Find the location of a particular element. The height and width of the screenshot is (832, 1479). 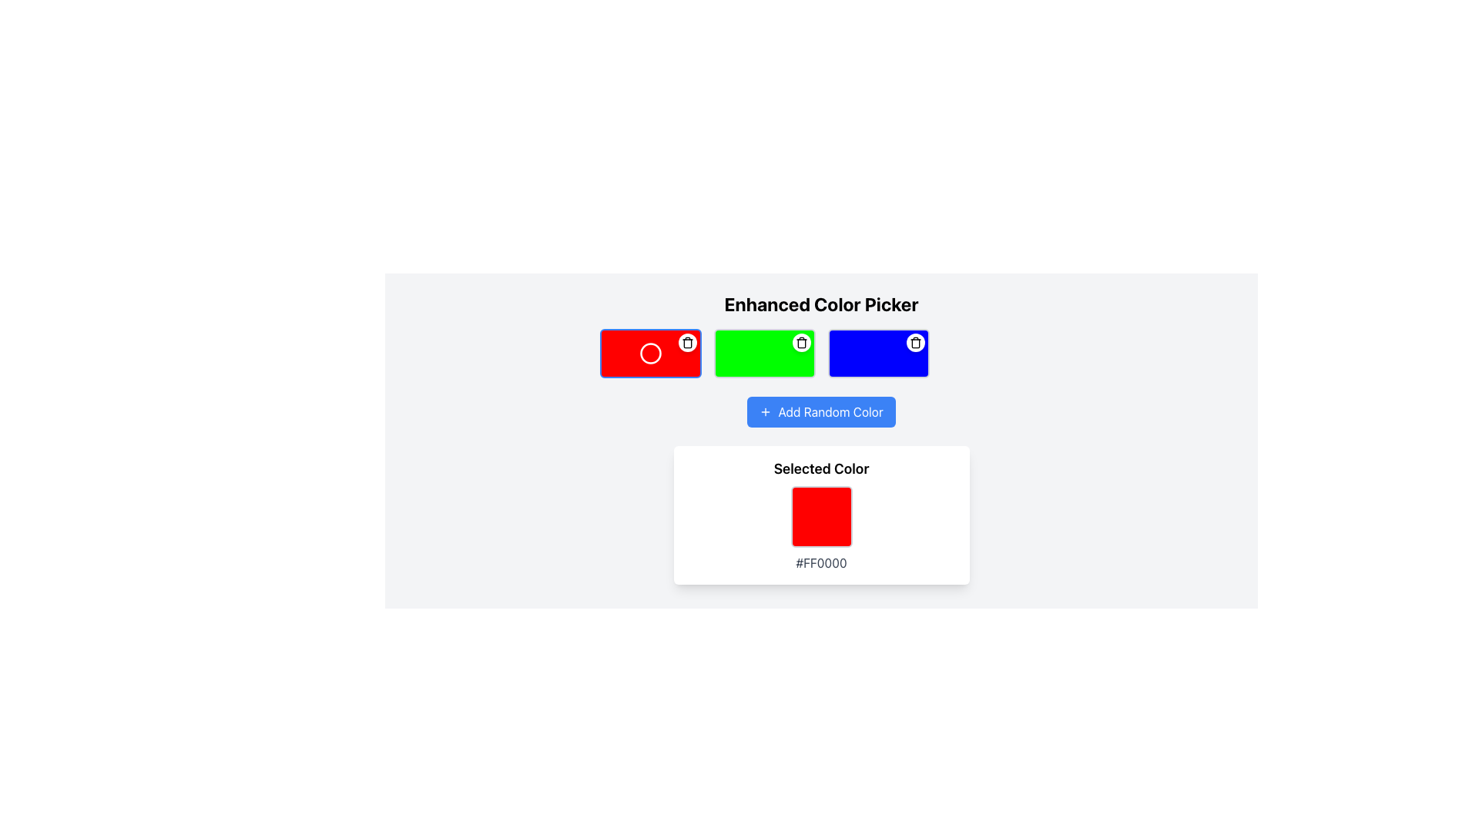

the 'Add Random Color' button, which is a rectangular button with a blue background and a white text label is located at coordinates (820, 411).